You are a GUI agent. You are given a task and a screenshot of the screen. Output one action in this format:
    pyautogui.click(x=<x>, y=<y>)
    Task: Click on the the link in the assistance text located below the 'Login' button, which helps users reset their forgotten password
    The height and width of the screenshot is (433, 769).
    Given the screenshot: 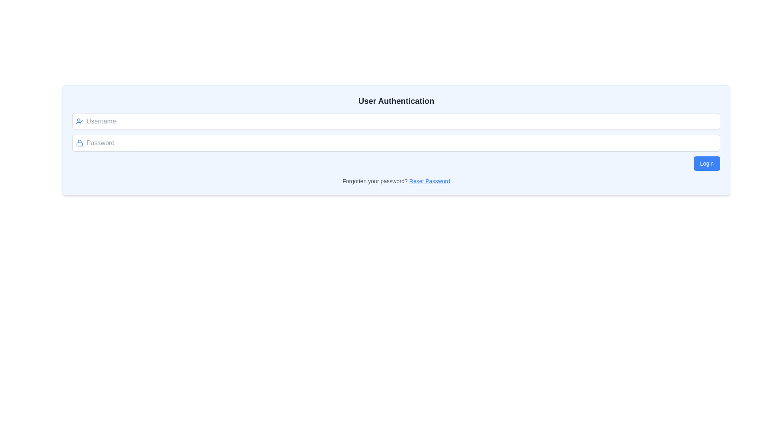 What is the action you would take?
    pyautogui.click(x=396, y=181)
    